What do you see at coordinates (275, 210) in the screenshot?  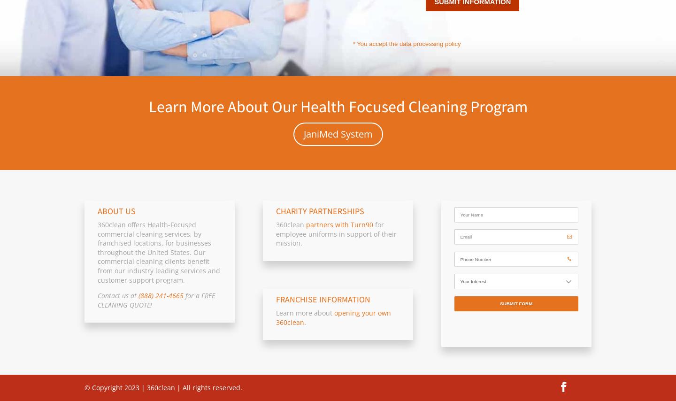 I see `'CHARITY PARTNERSHIPS'` at bounding box center [275, 210].